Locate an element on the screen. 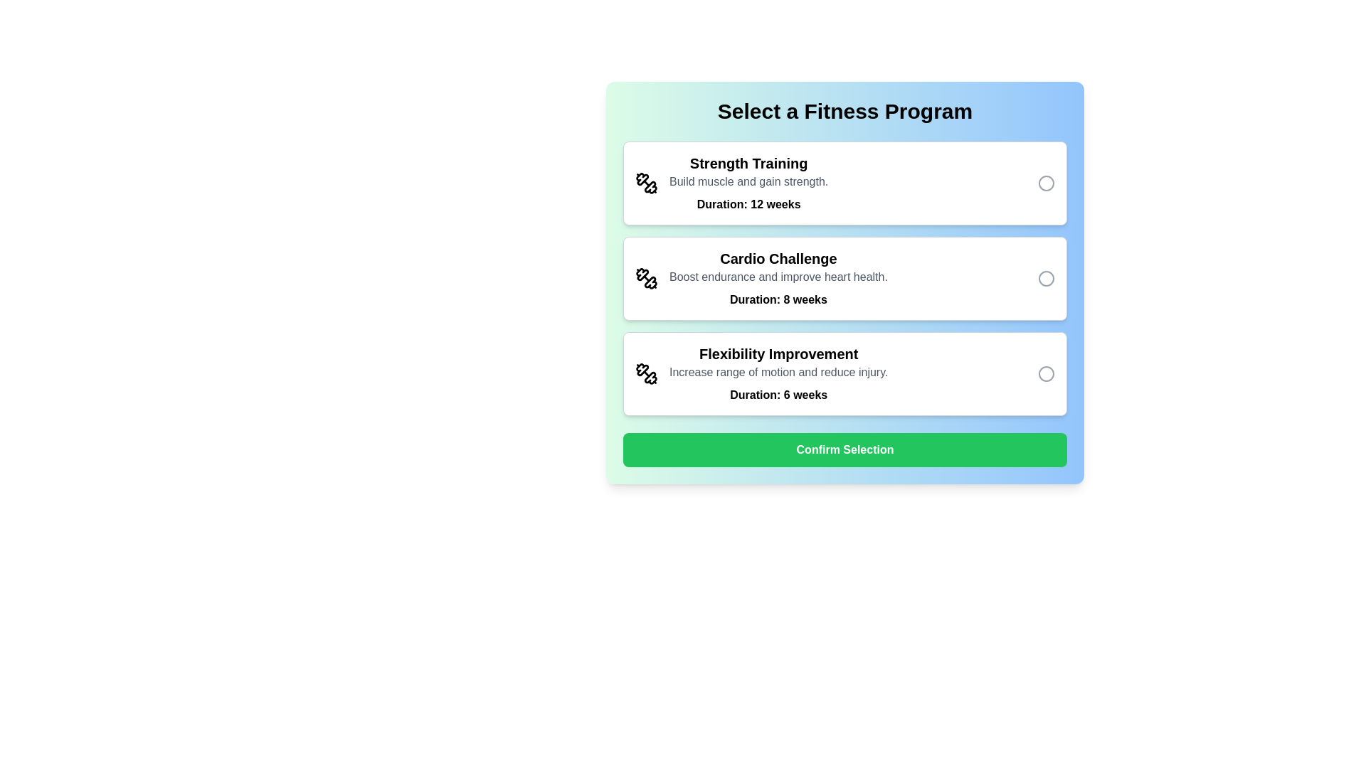 The image size is (1366, 768). the gray outlined circle indicator located to the right side of the 'Strength Training' section within the card-based UI is located at coordinates (1046, 183).